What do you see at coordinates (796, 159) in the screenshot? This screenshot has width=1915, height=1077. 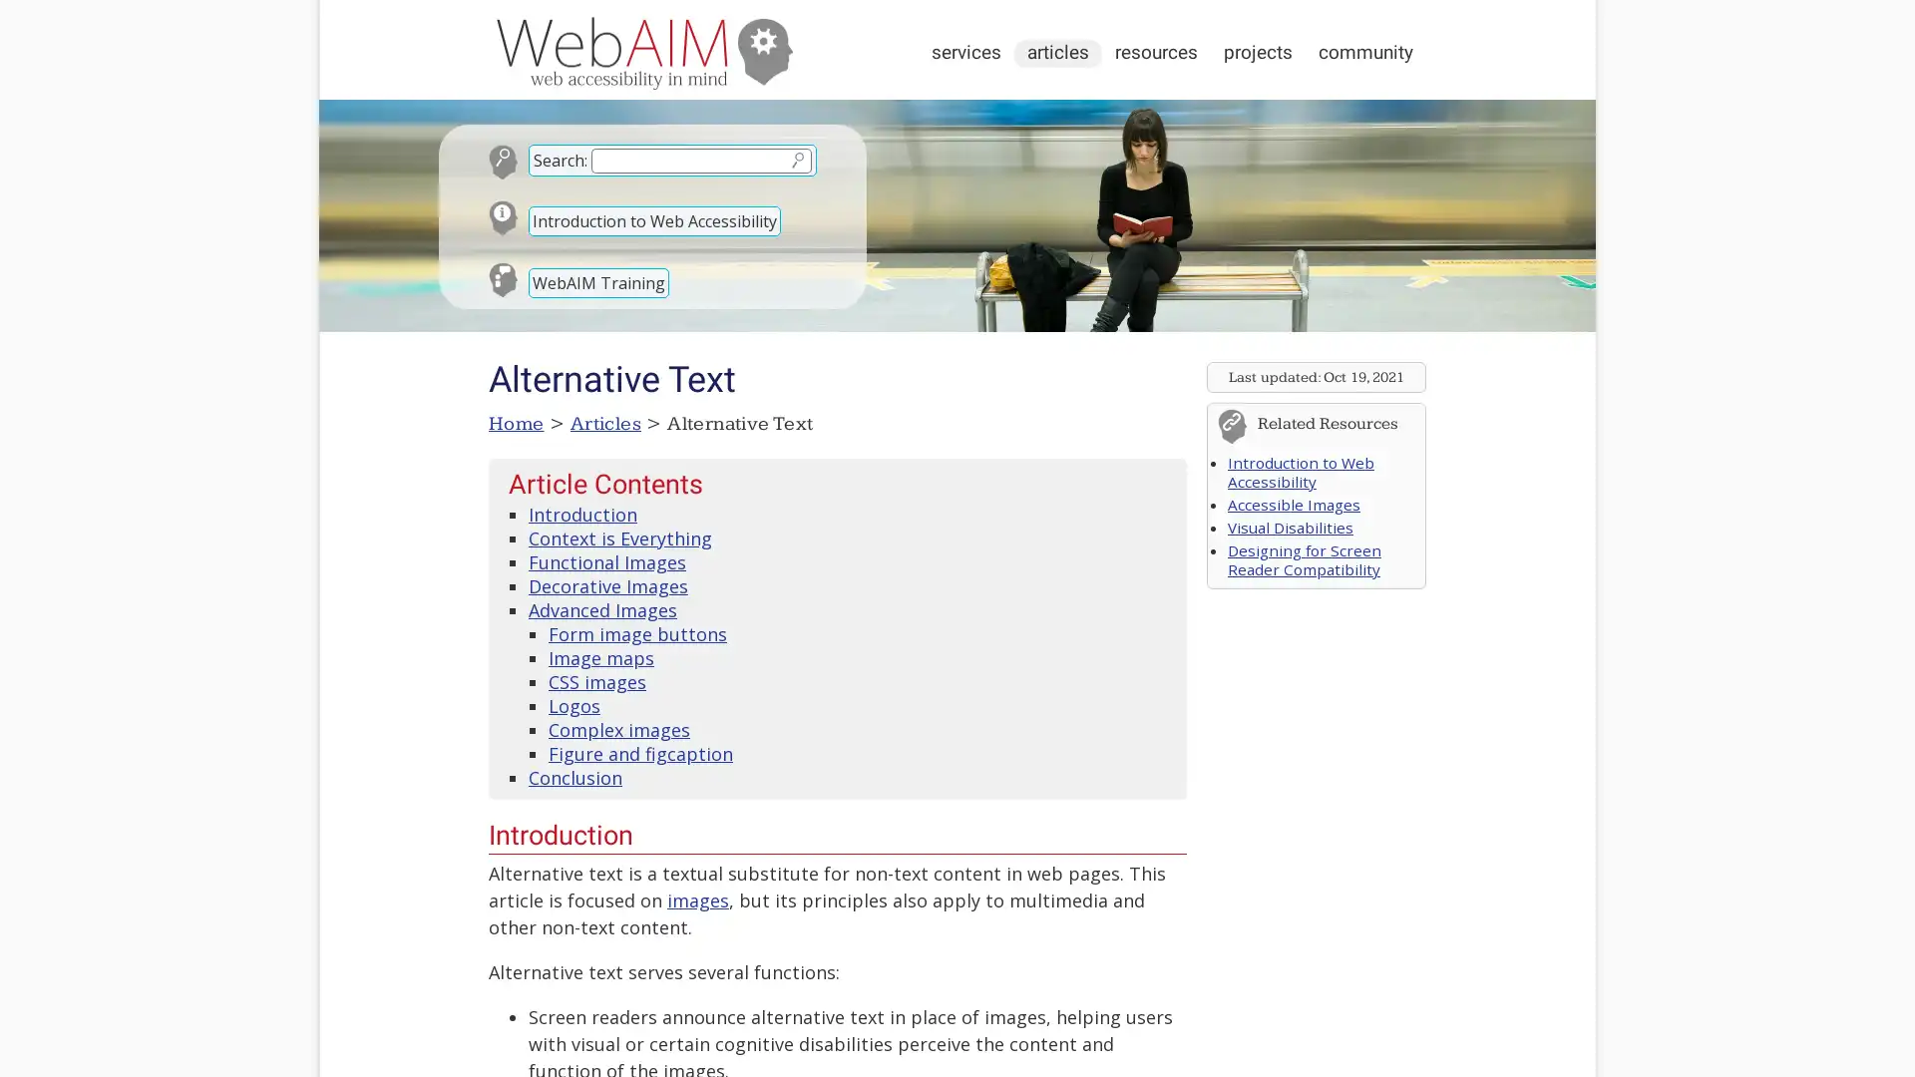 I see `Submit Search` at bounding box center [796, 159].